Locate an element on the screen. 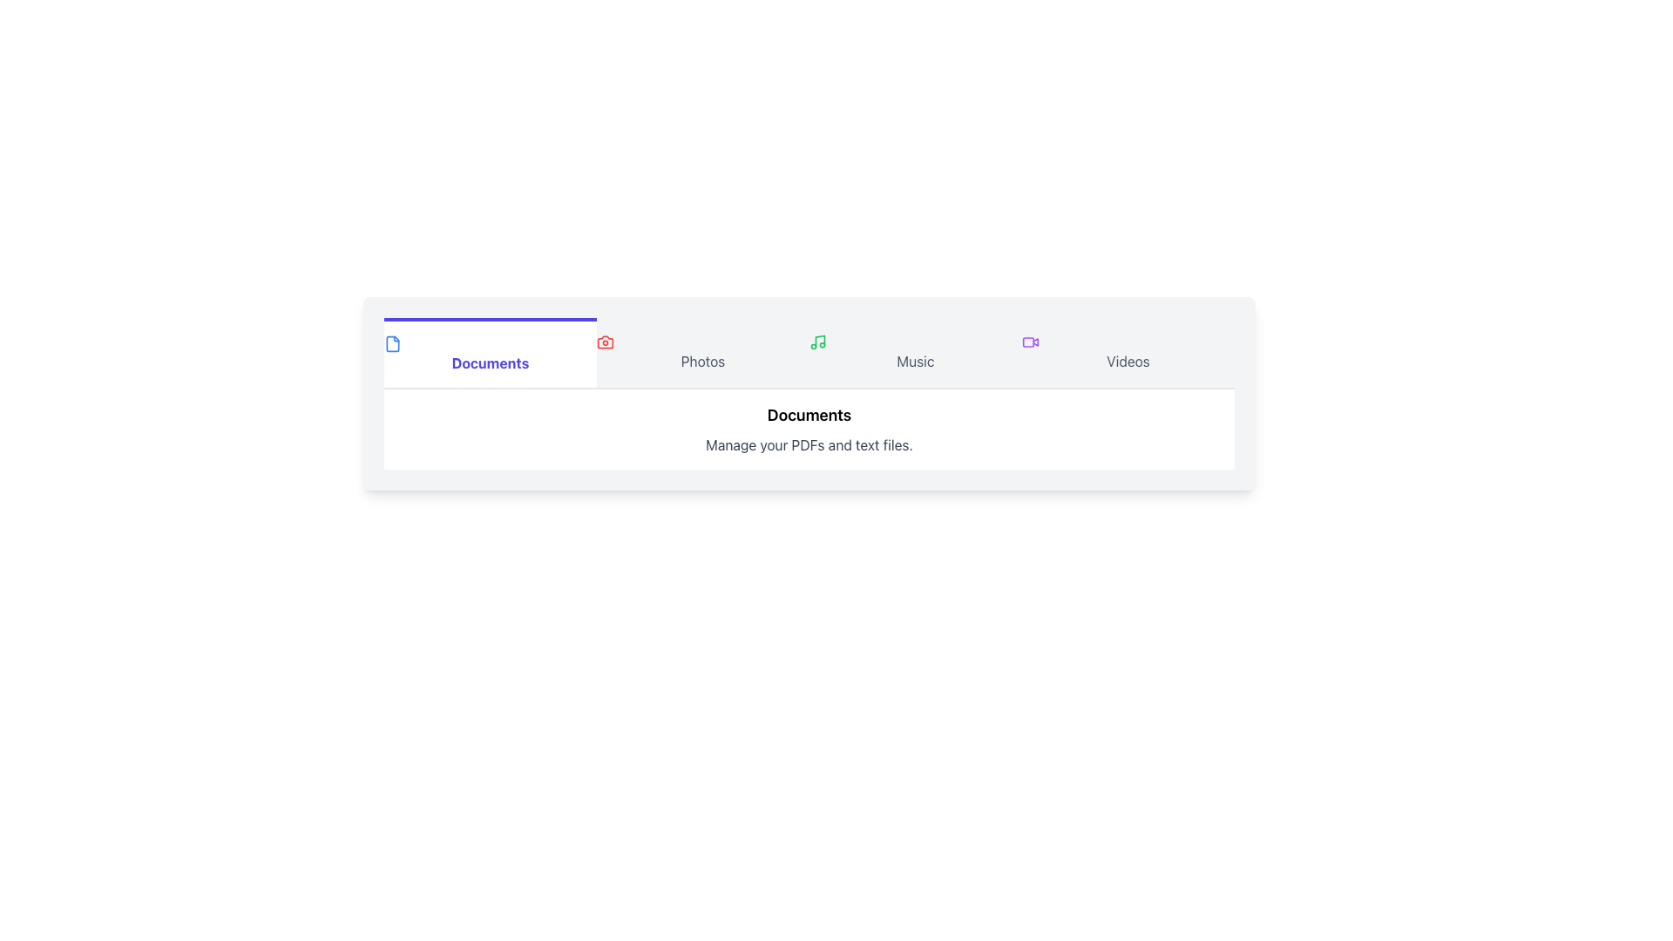 The image size is (1673, 941). the 'Documents' button, which is a rectangular button with bold indigo-colored text and a blue file icon on the left side, located on the top row of the navigation interface is located at coordinates (489, 353).